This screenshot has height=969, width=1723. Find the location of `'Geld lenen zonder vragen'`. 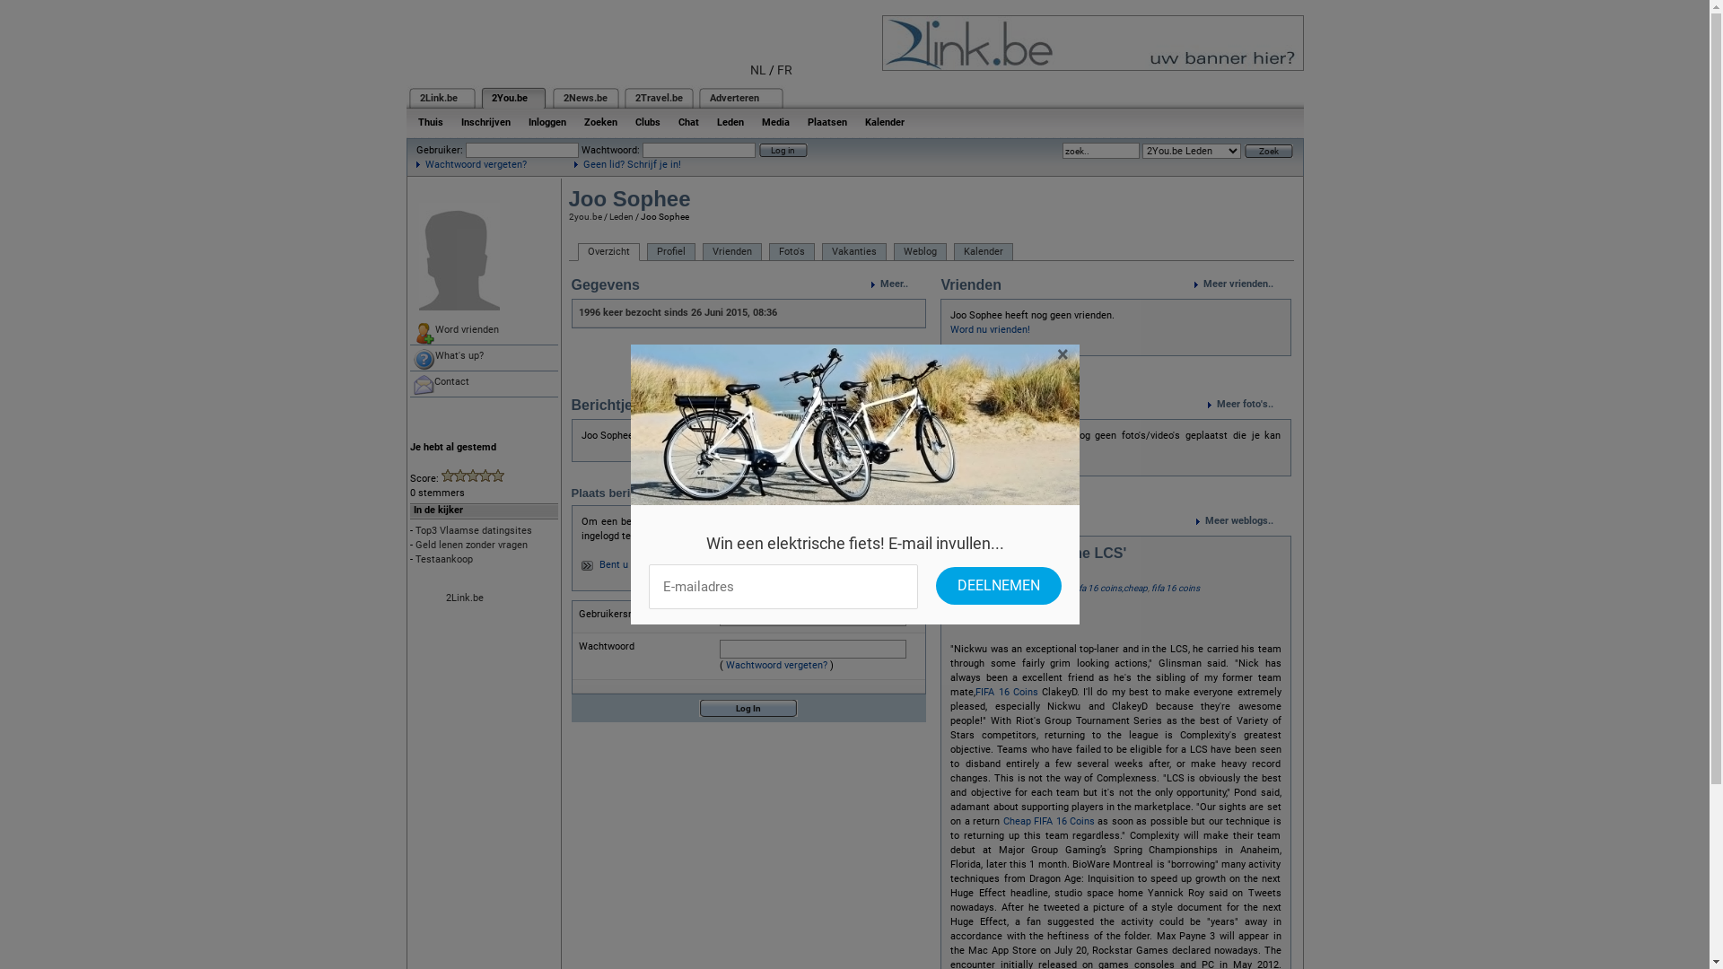

'Geld lenen zonder vragen' is located at coordinates (413, 544).